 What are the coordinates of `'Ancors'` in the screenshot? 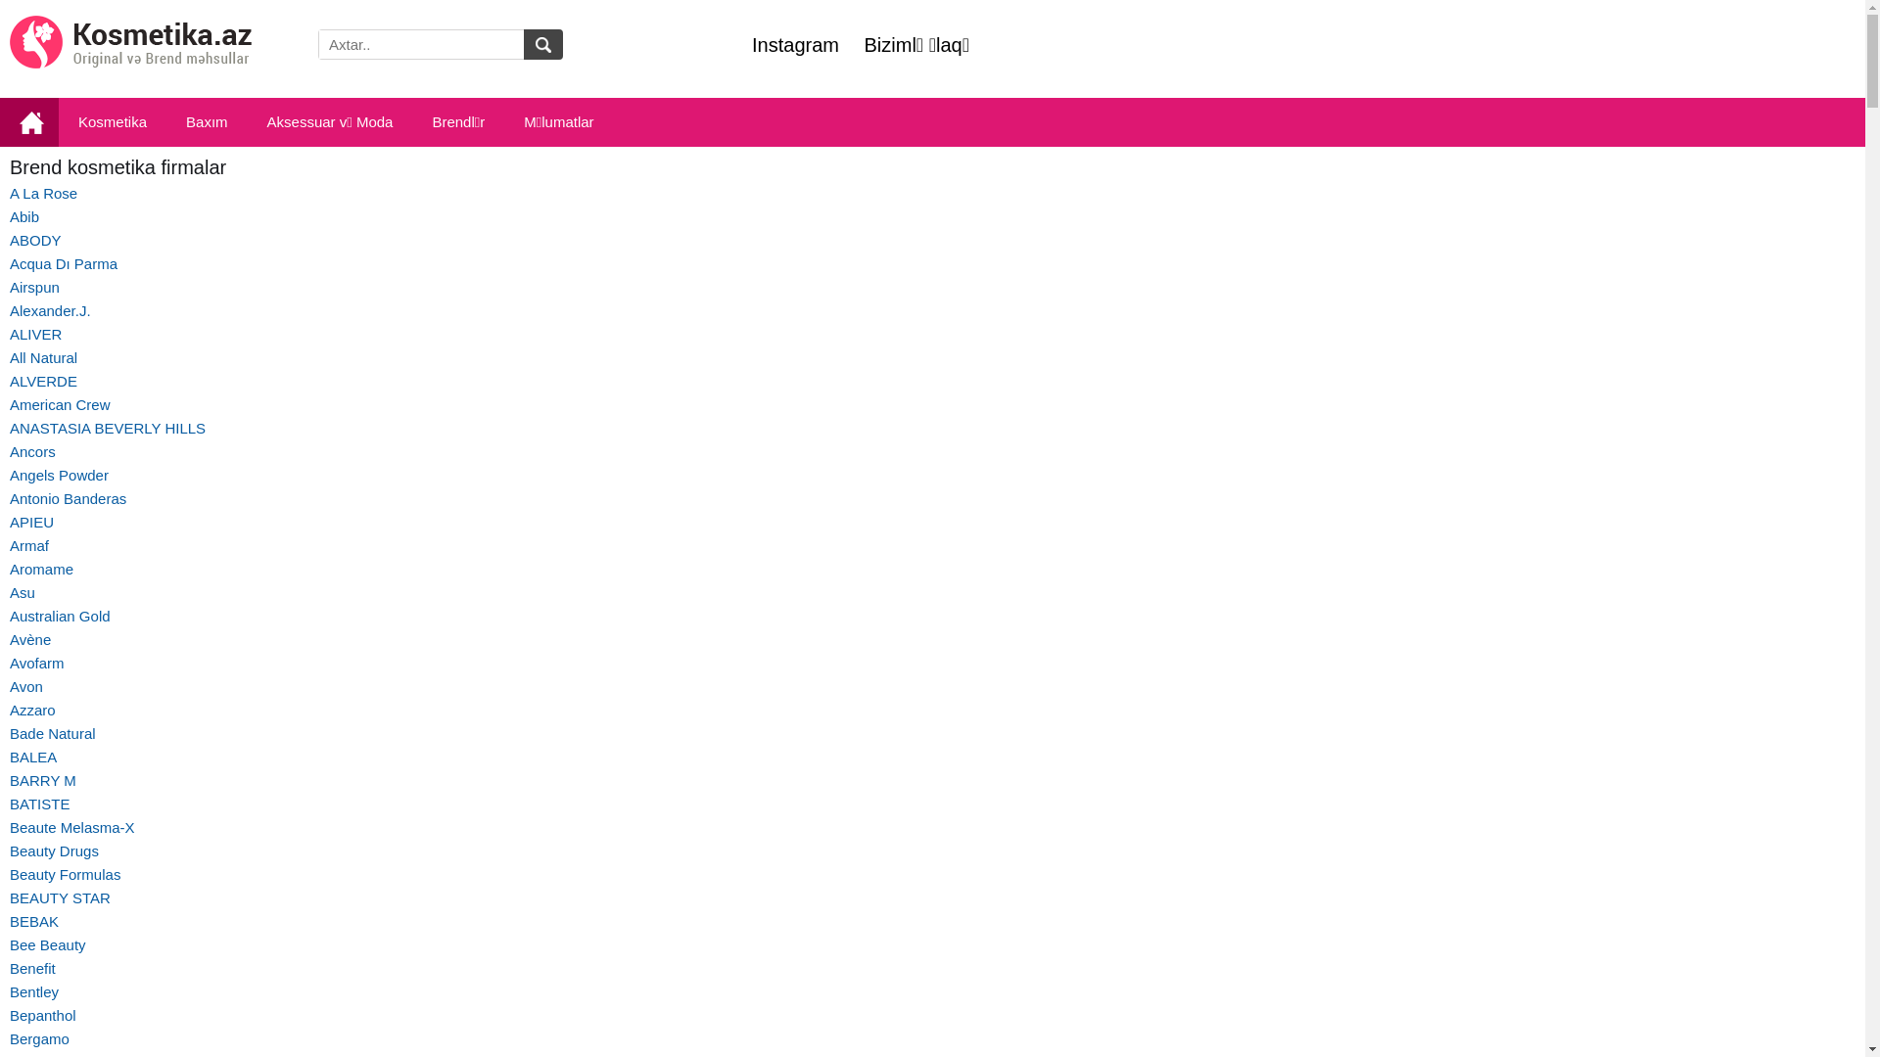 It's located at (32, 451).